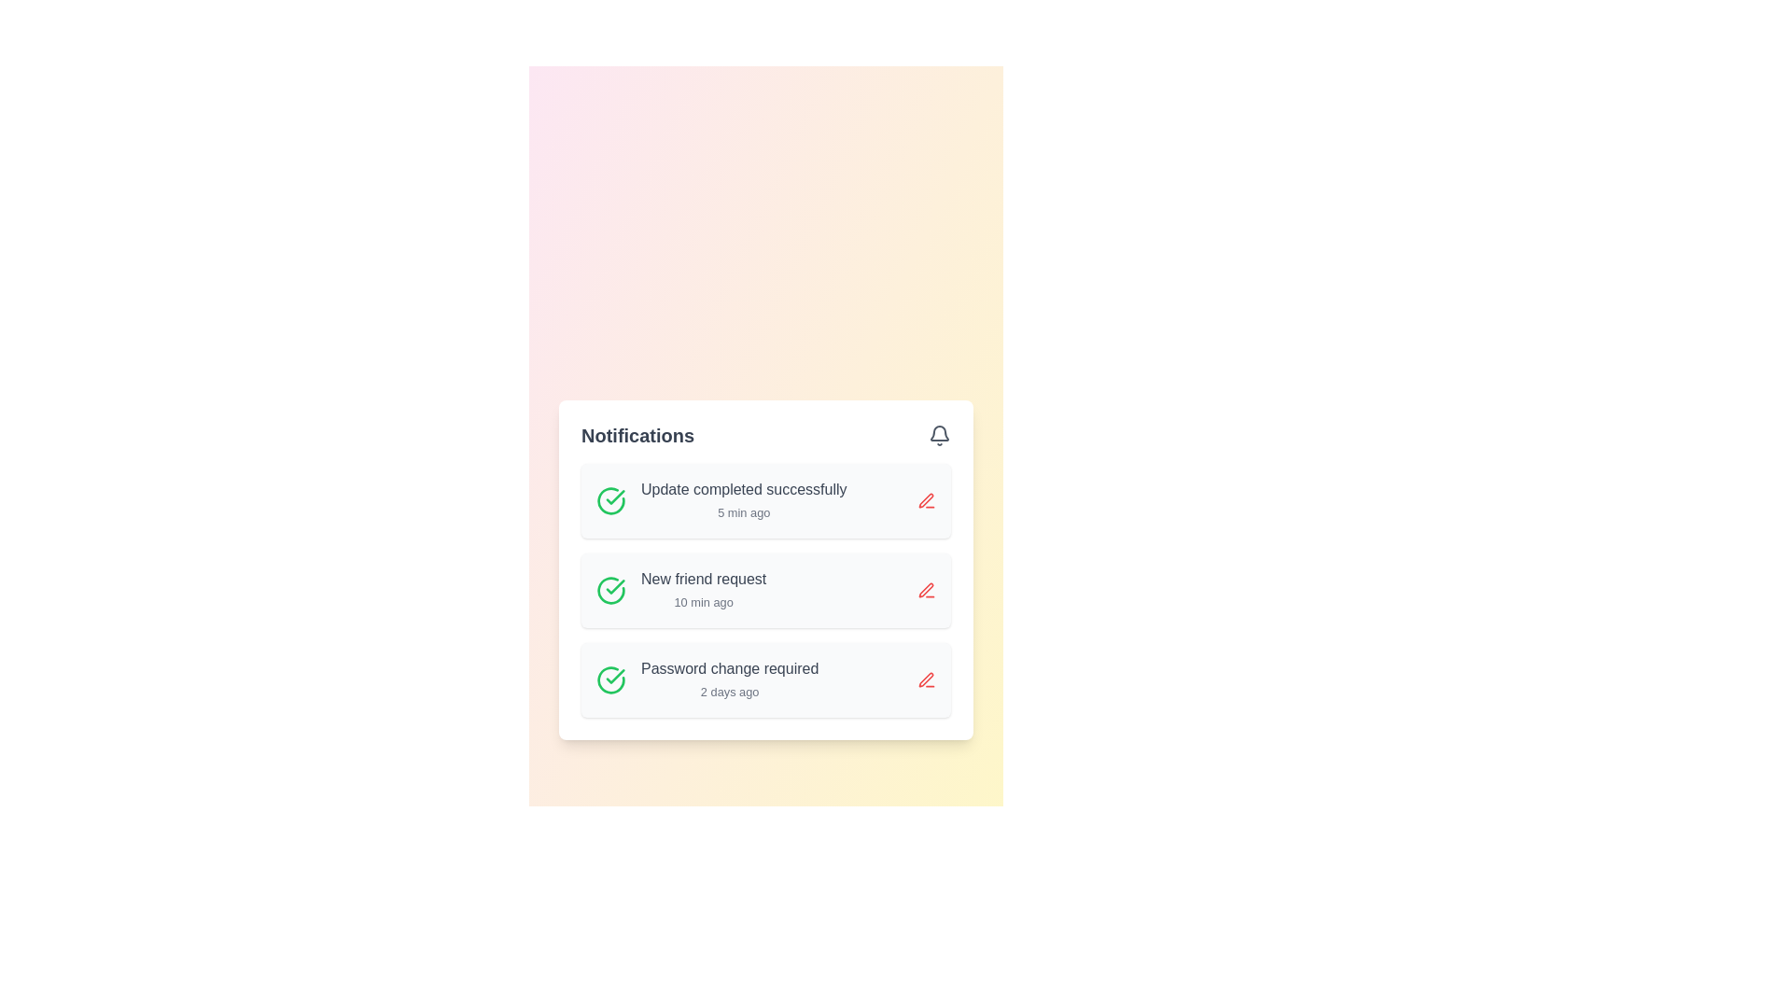 The width and height of the screenshot is (1792, 1008). What do you see at coordinates (729, 668) in the screenshot?
I see `the Text Label that notifies the user about the need for a password change, located in the third notification row under 'Notifications'` at bounding box center [729, 668].